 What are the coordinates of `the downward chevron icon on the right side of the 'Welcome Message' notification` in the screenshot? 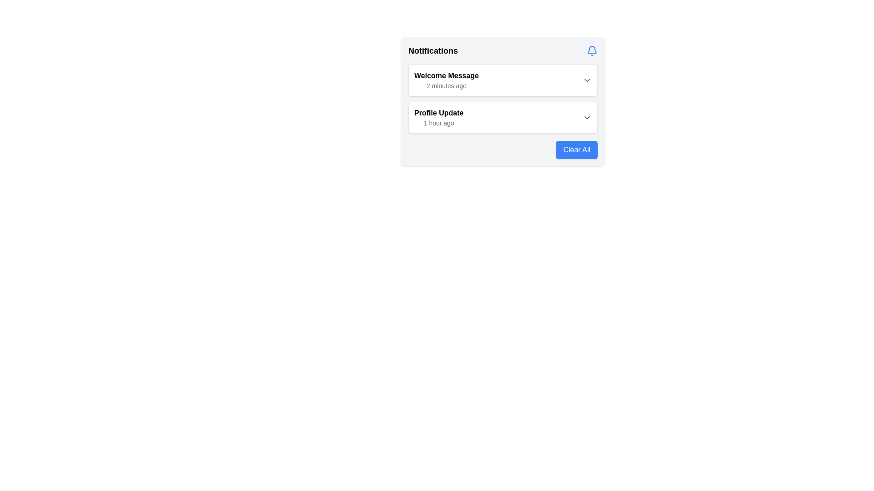 It's located at (587, 80).